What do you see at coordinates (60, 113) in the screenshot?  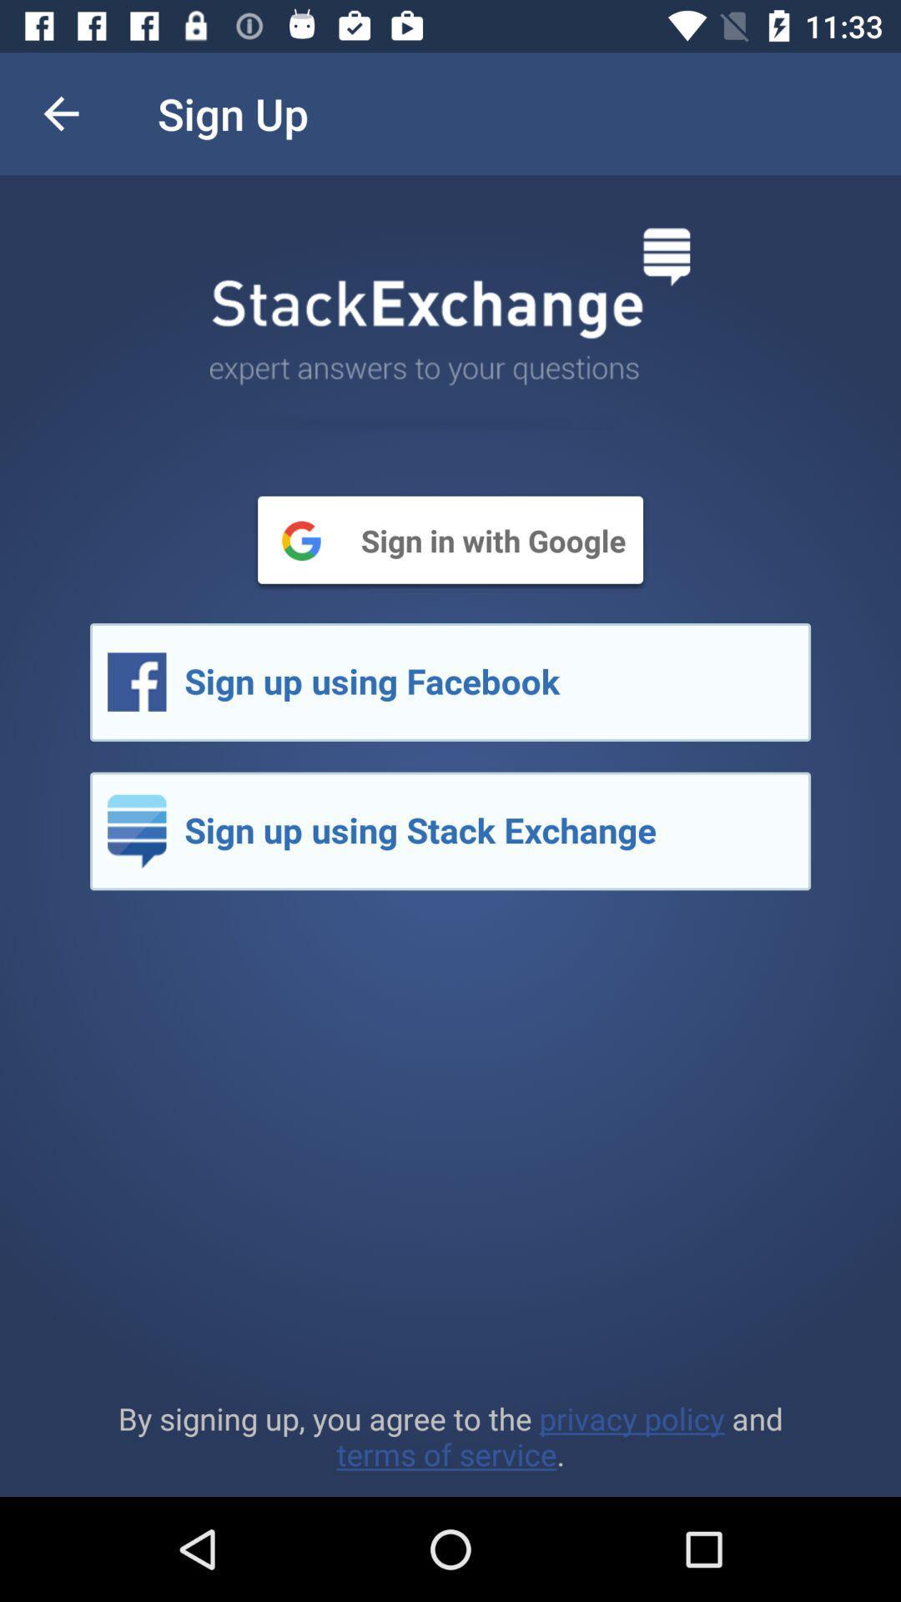 I see `icon next to sign up item` at bounding box center [60, 113].